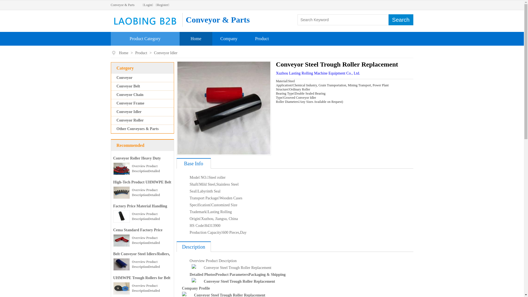  Describe the element at coordinates (116, 129) in the screenshot. I see `'Other Conveyors & Parts'` at that location.